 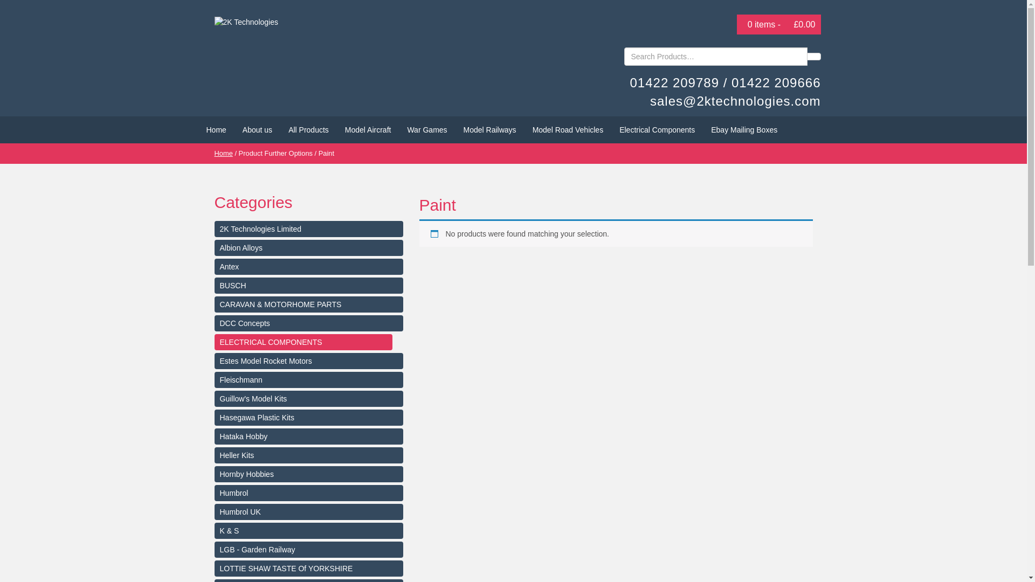 What do you see at coordinates (308, 549) in the screenshot?
I see `'LGB - Garden Railway'` at bounding box center [308, 549].